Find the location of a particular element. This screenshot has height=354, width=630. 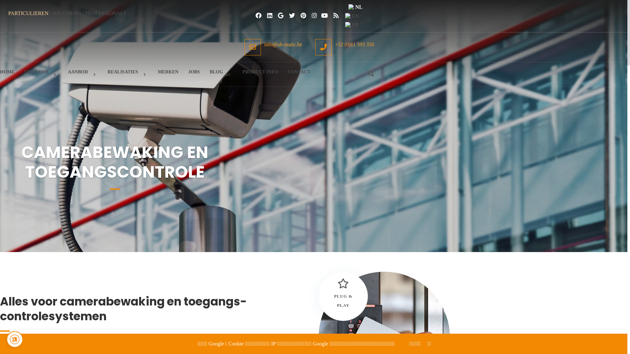

'FR' is located at coordinates (355, 24).